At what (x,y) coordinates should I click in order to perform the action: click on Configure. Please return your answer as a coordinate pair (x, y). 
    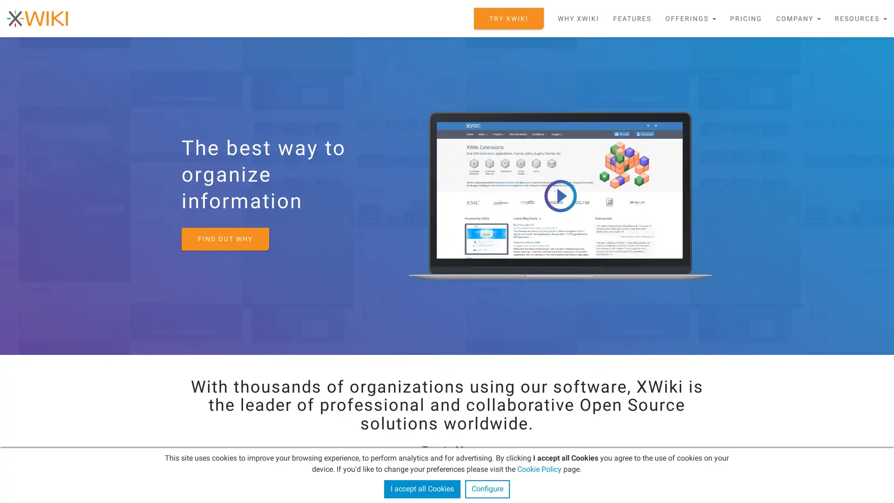
    Looking at the image, I should click on (487, 489).